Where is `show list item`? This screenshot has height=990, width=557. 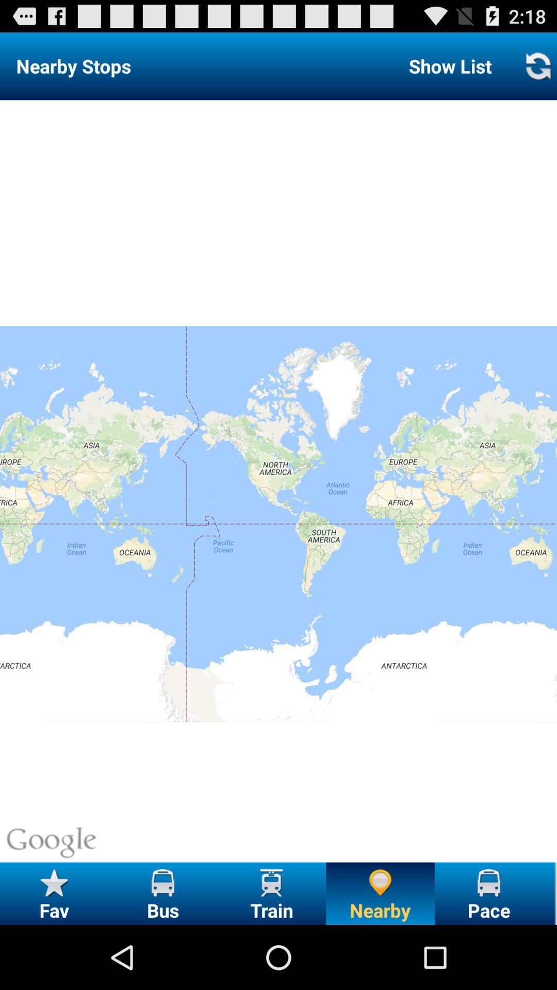 show list item is located at coordinates (450, 65).